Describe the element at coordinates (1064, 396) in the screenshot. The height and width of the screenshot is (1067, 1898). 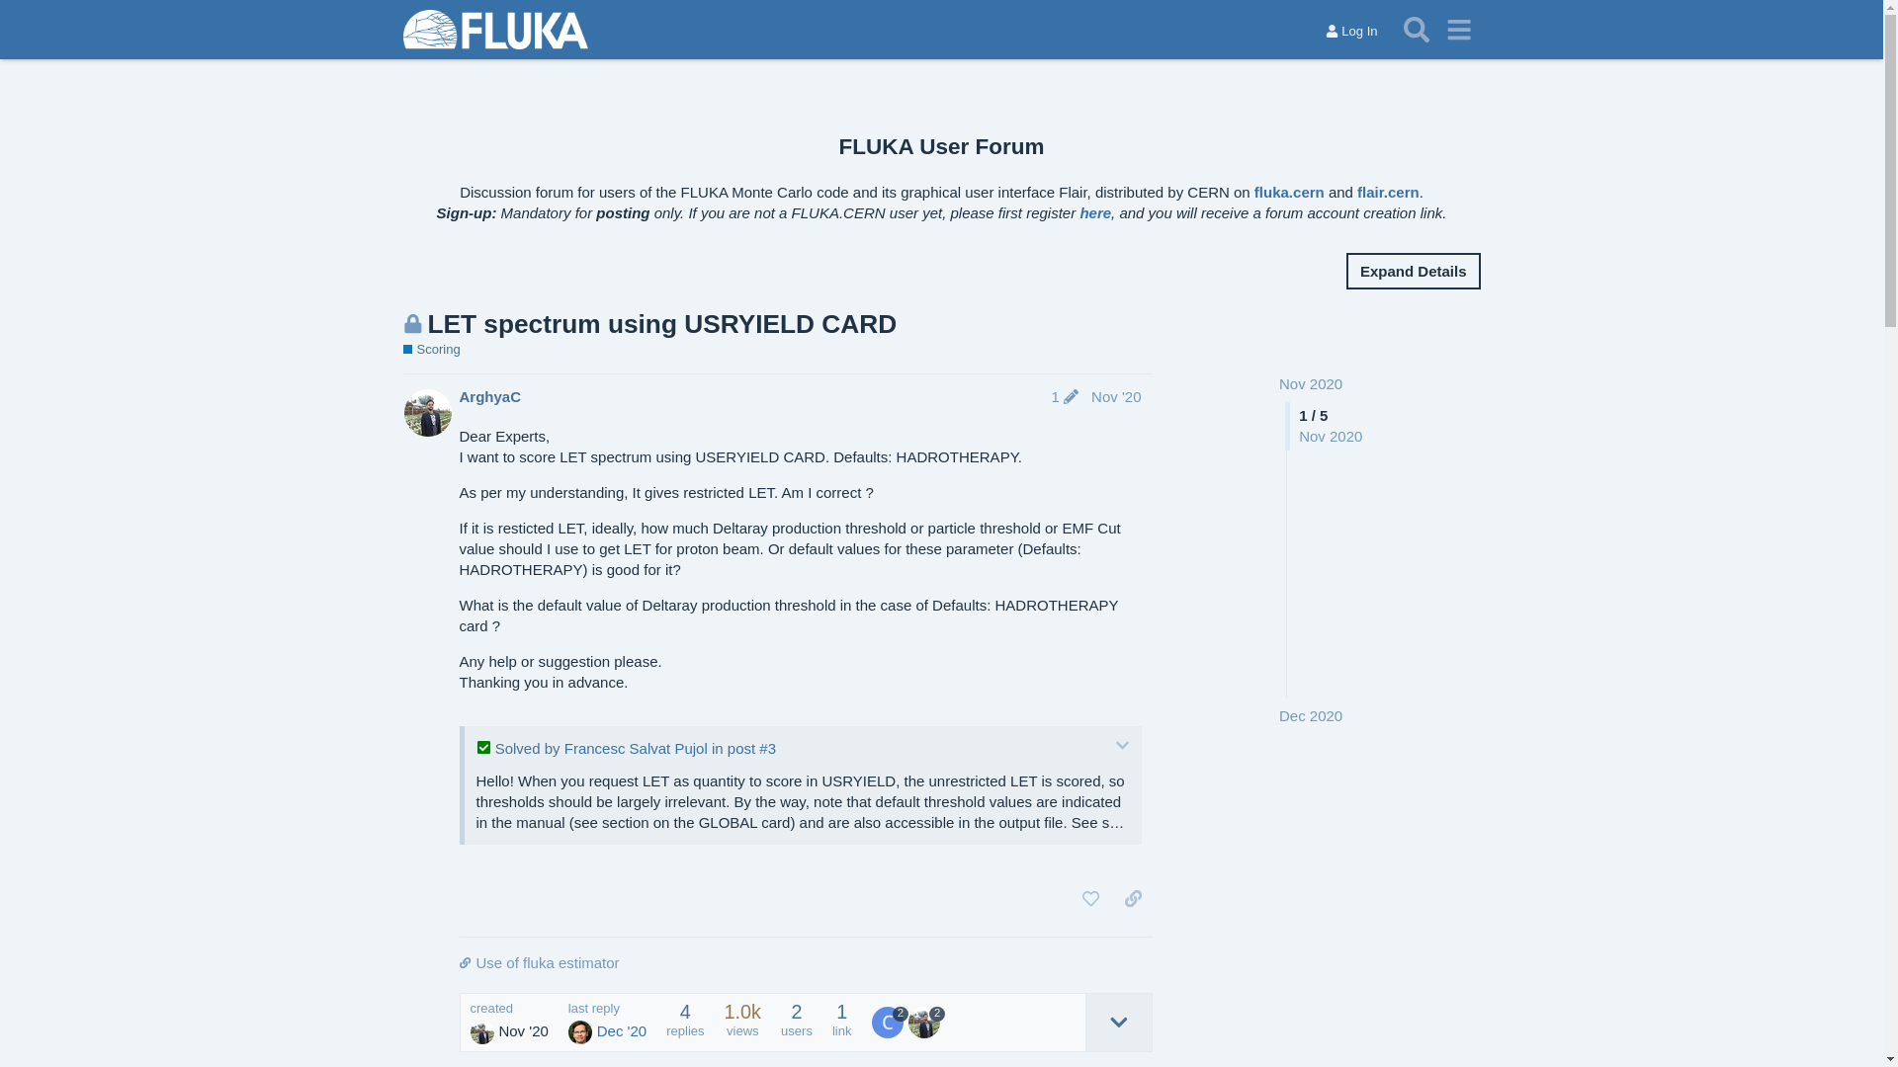
I see `'1'` at that location.